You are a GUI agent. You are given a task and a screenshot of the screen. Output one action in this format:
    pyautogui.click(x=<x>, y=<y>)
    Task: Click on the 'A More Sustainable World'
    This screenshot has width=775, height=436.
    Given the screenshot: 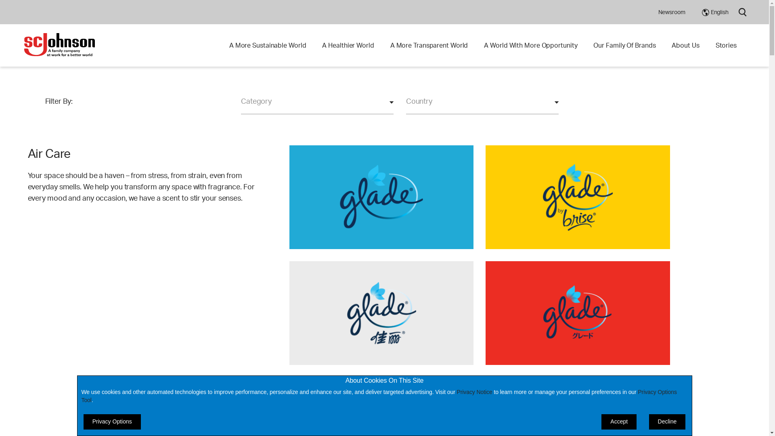 What is the action you would take?
    pyautogui.click(x=228, y=45)
    